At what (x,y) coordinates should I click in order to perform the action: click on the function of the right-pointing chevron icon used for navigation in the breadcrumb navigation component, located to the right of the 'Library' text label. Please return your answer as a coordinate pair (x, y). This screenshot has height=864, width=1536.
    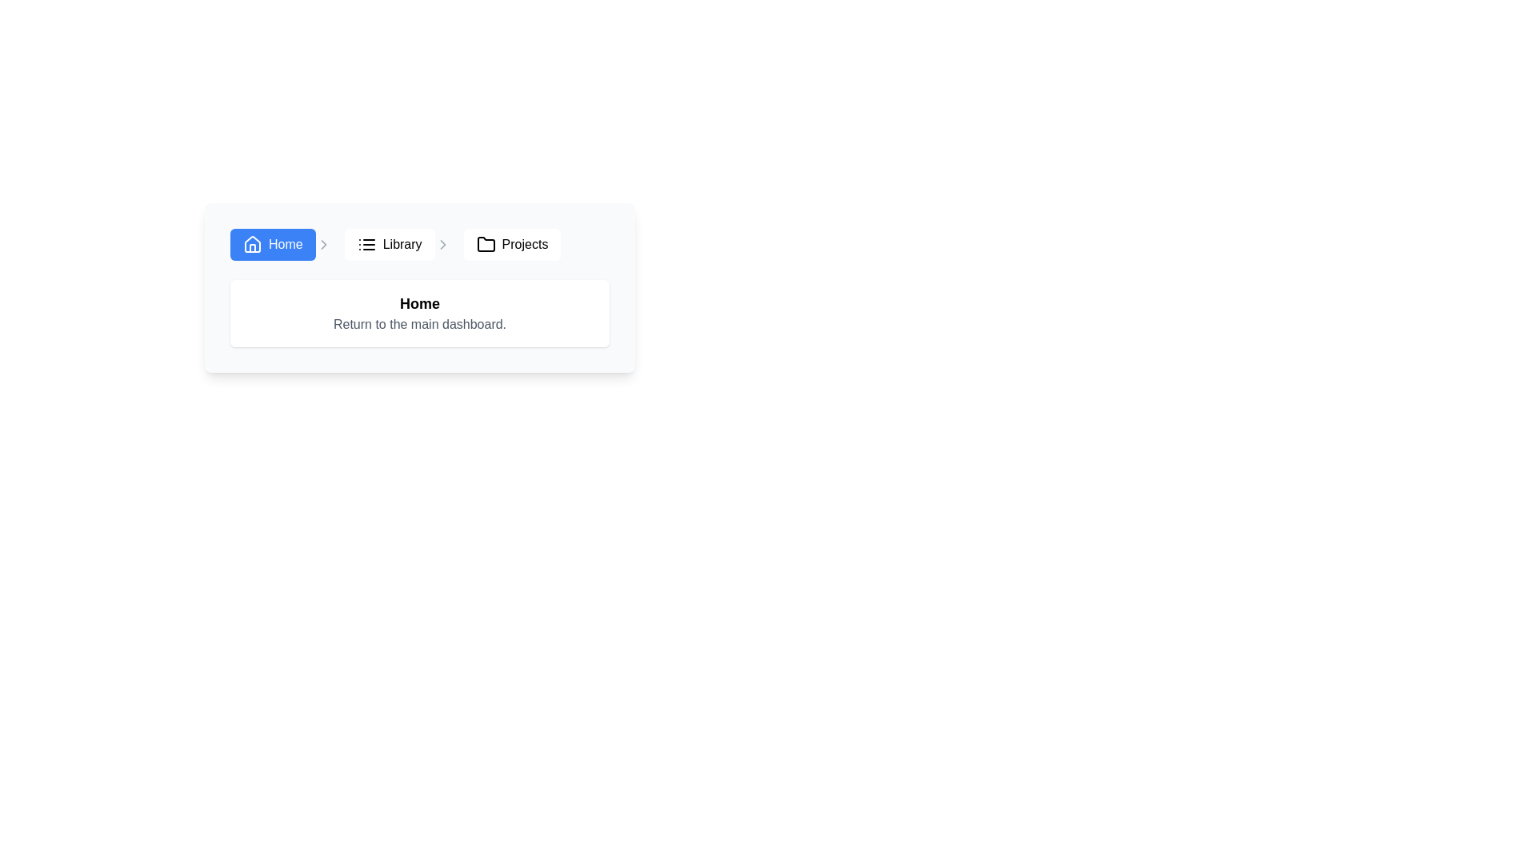
    Looking at the image, I should click on (442, 244).